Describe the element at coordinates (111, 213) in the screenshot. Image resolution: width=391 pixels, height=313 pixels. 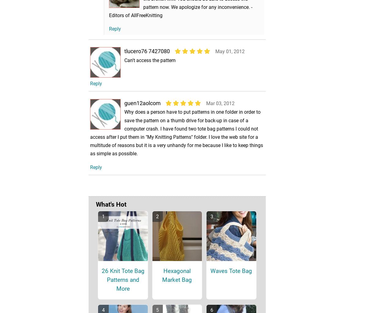
I see `'What's Hot'` at that location.